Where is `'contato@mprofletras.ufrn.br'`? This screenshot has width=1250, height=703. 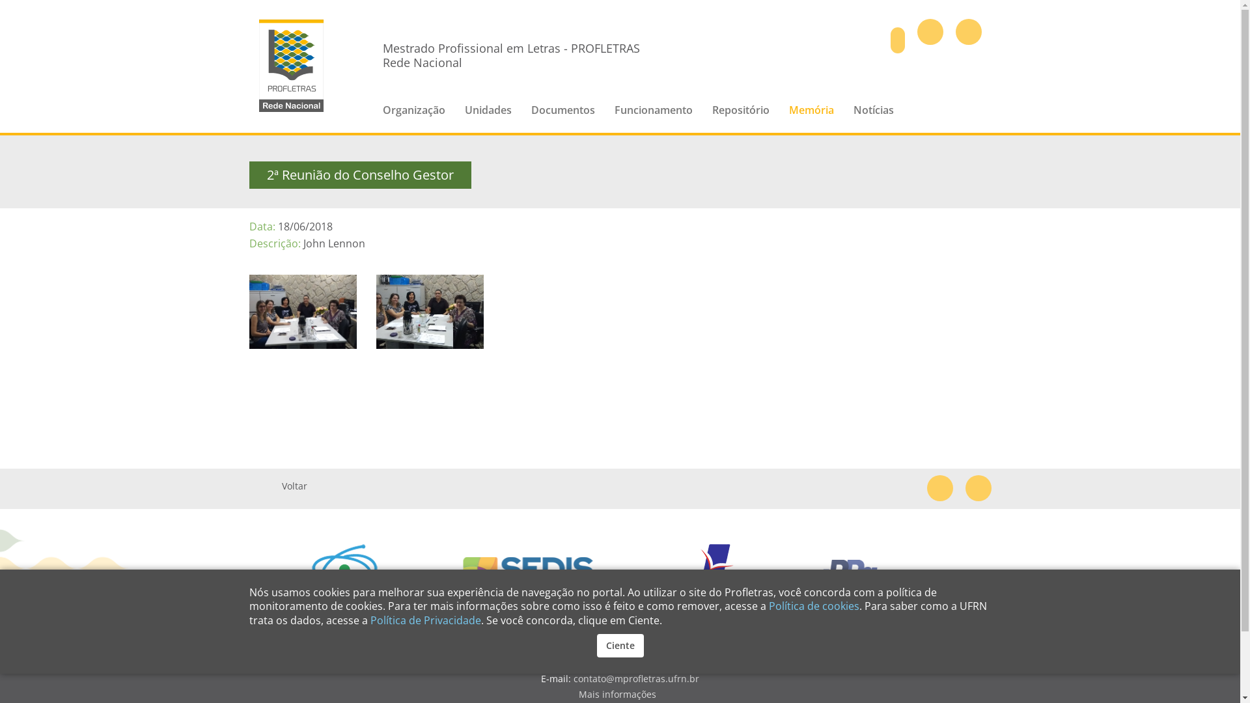 'contato@mprofletras.ufrn.br' is located at coordinates (636, 678).